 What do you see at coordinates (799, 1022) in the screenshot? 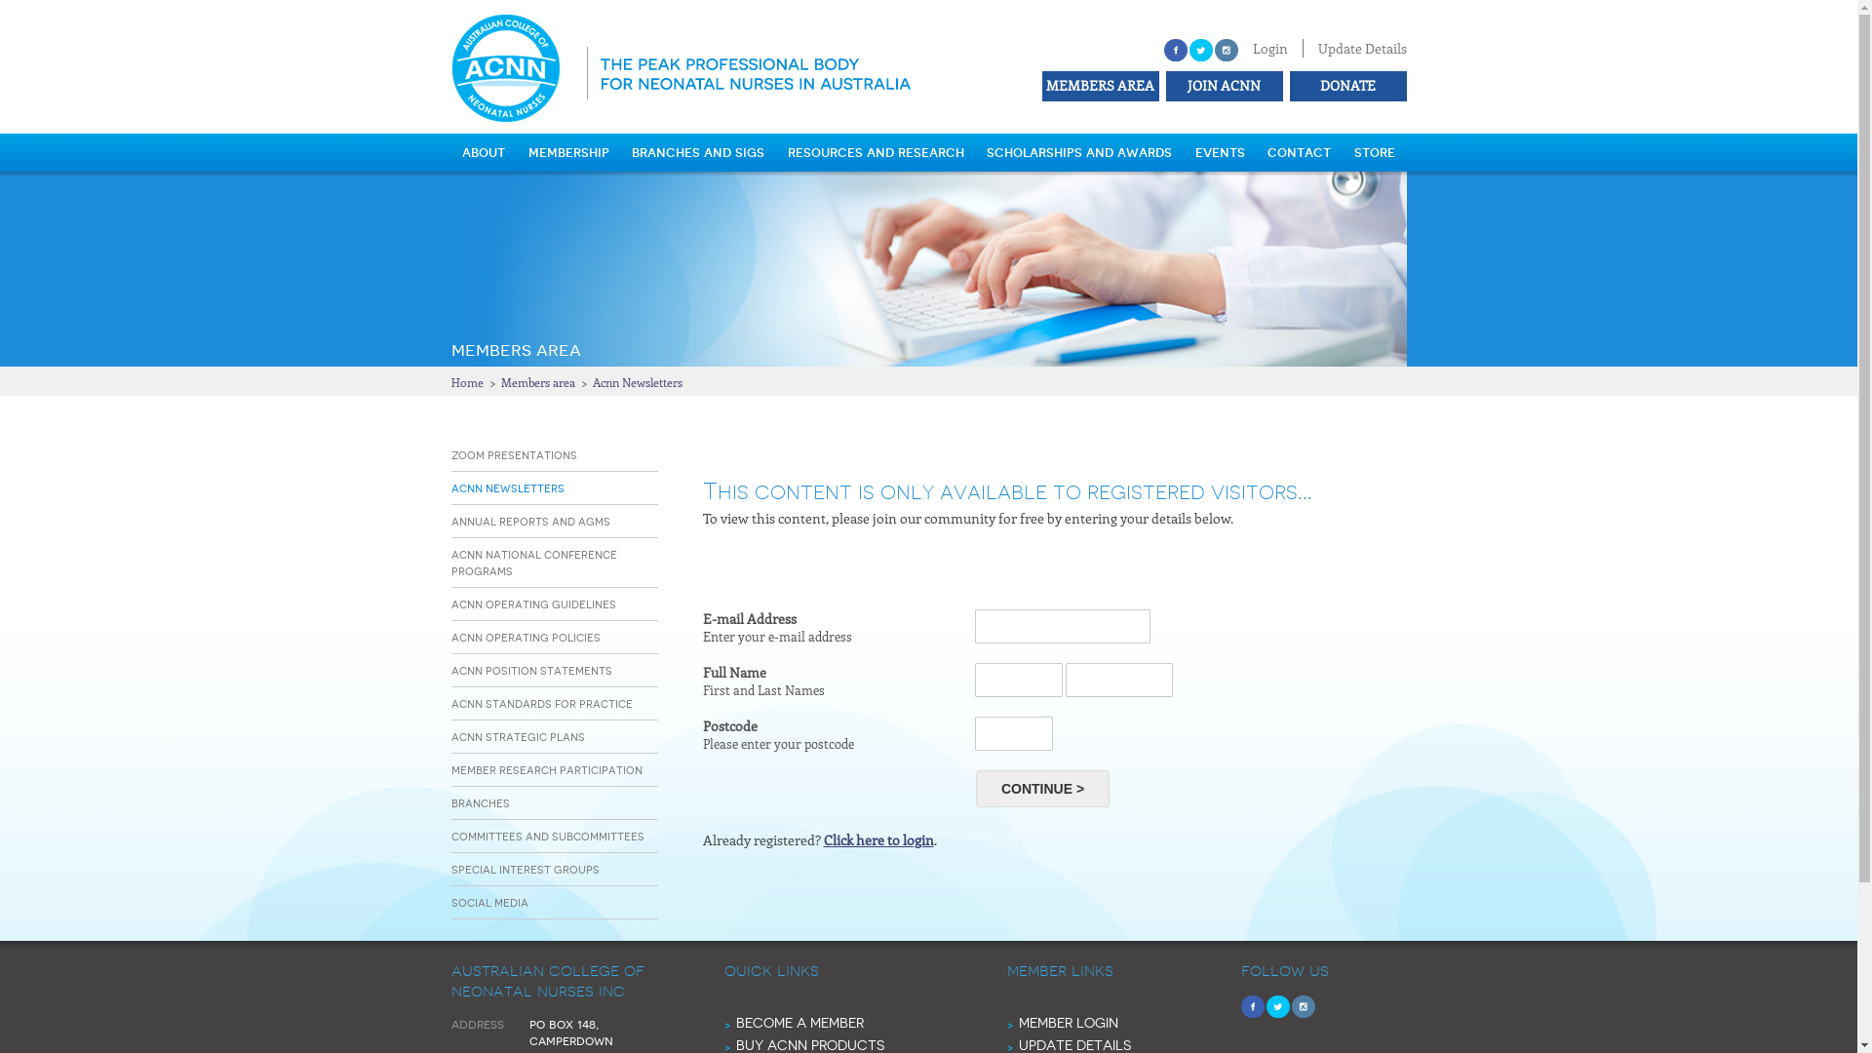
I see `'BECOME A MEMBER'` at bounding box center [799, 1022].